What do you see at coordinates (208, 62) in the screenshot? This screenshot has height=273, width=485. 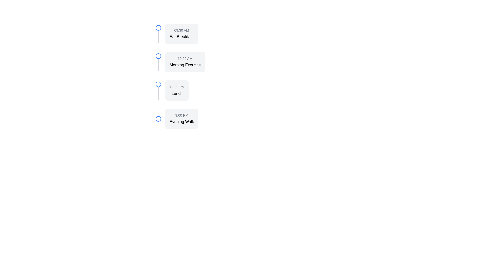 I see `the scheduled activity labeled 'Morning Exercise' occurring at '10:00 AM' in the timeline or agenda view, which is the second item in the vertical list` at bounding box center [208, 62].